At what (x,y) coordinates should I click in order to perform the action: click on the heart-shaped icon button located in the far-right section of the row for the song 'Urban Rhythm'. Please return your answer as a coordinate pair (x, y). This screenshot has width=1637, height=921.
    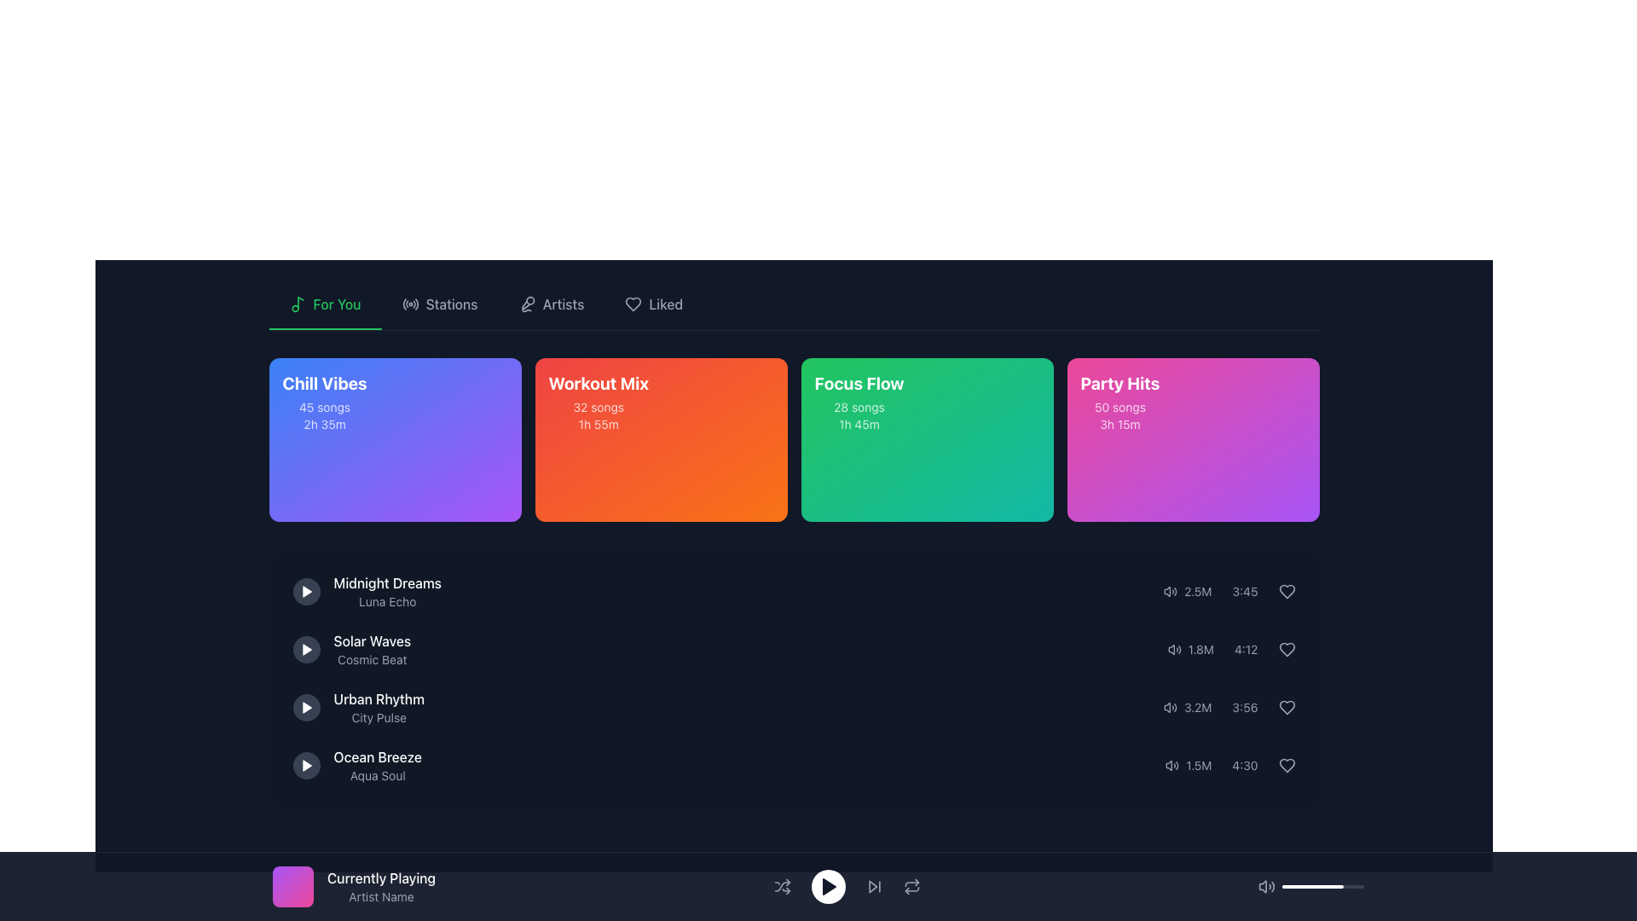
    Looking at the image, I should click on (1287, 707).